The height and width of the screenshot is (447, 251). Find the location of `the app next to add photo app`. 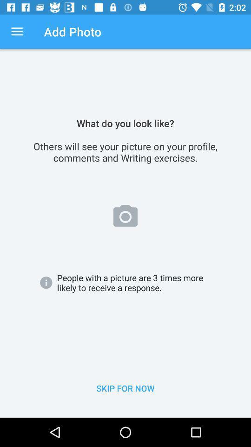

the app next to add photo app is located at coordinates (17, 32).